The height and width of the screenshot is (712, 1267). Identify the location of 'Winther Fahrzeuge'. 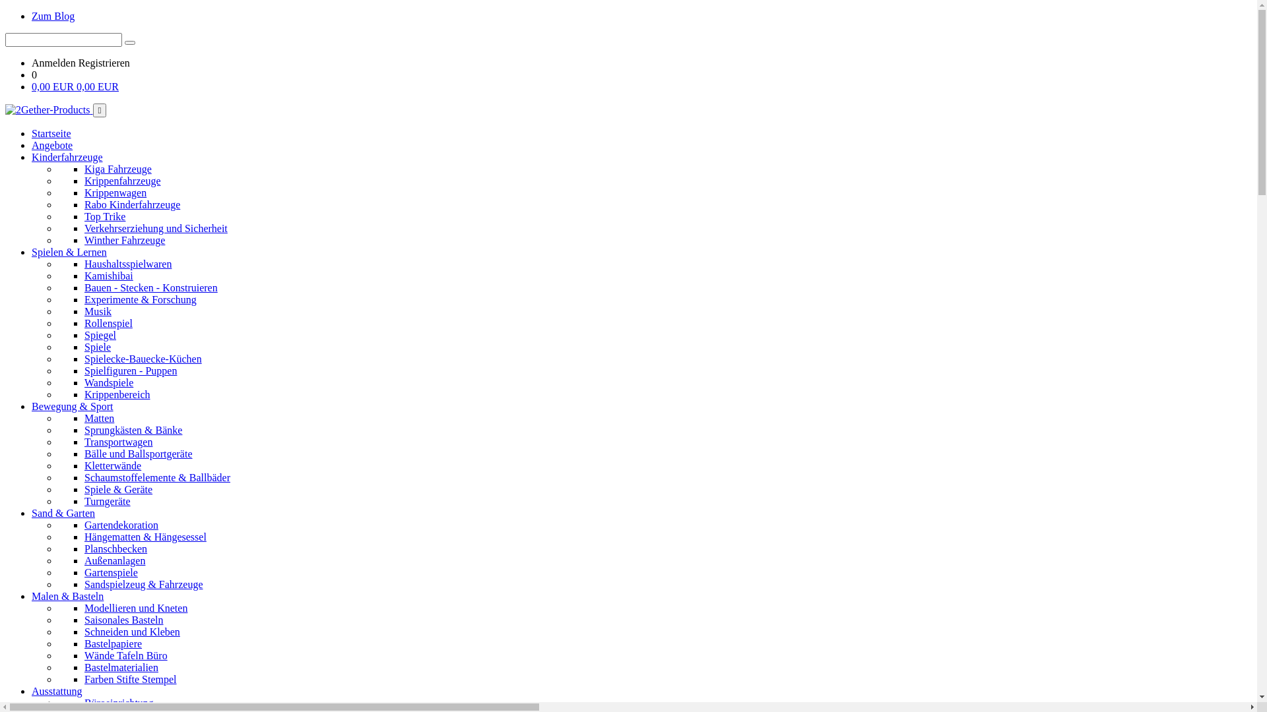
(124, 240).